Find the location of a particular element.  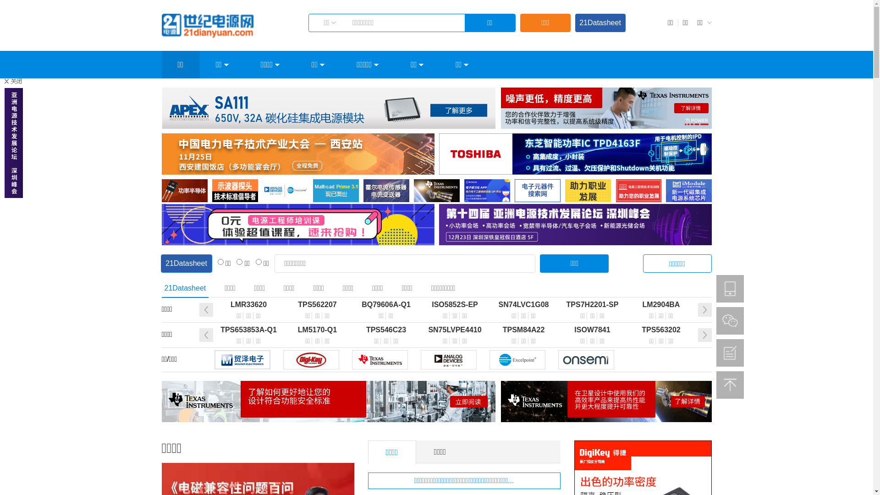

'SN74LVC1G08' is located at coordinates (489, 304).